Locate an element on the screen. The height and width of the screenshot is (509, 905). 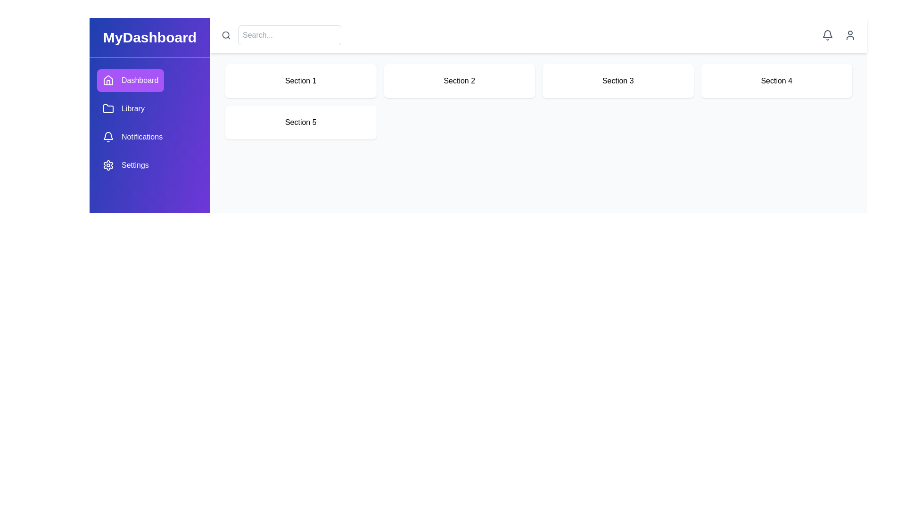
the 'MyDashboard' Text header element, which is a bold, large-sized text in white with a gradient background transitioning from blue to purple, located in the top-left section of the vertical sidebar is located at coordinates (149, 37).